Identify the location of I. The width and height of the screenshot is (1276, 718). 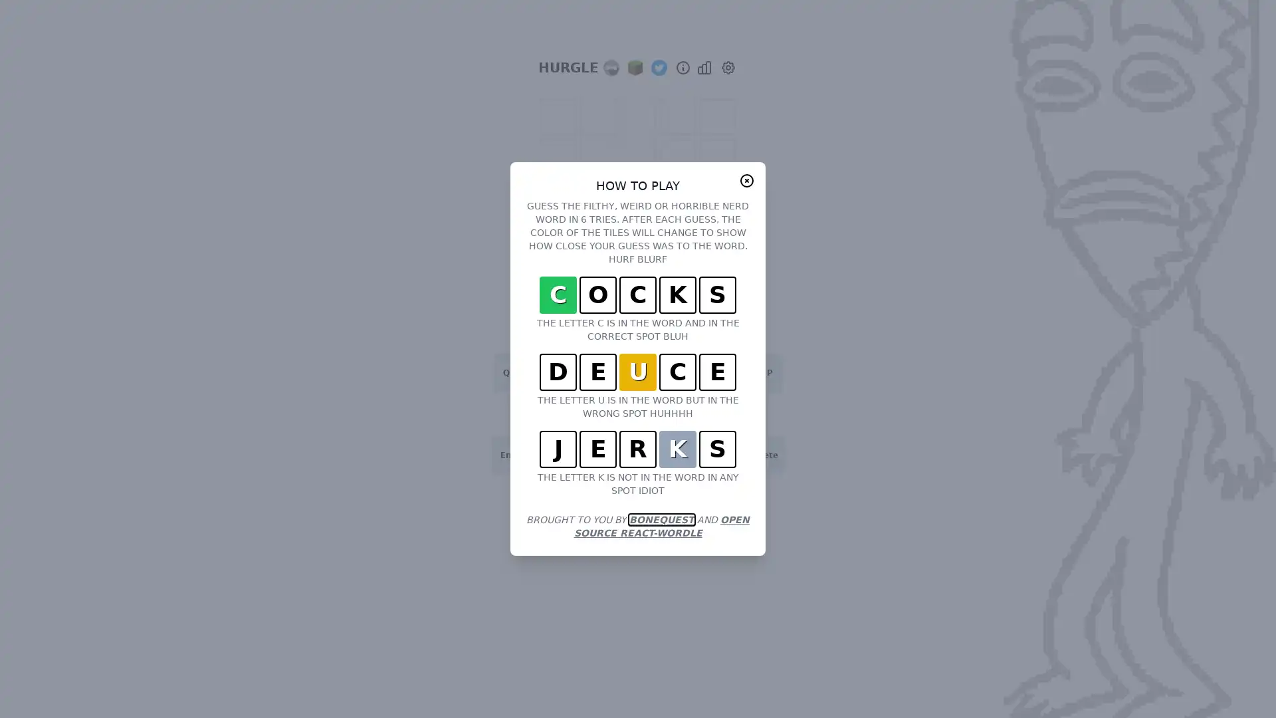
(710, 372).